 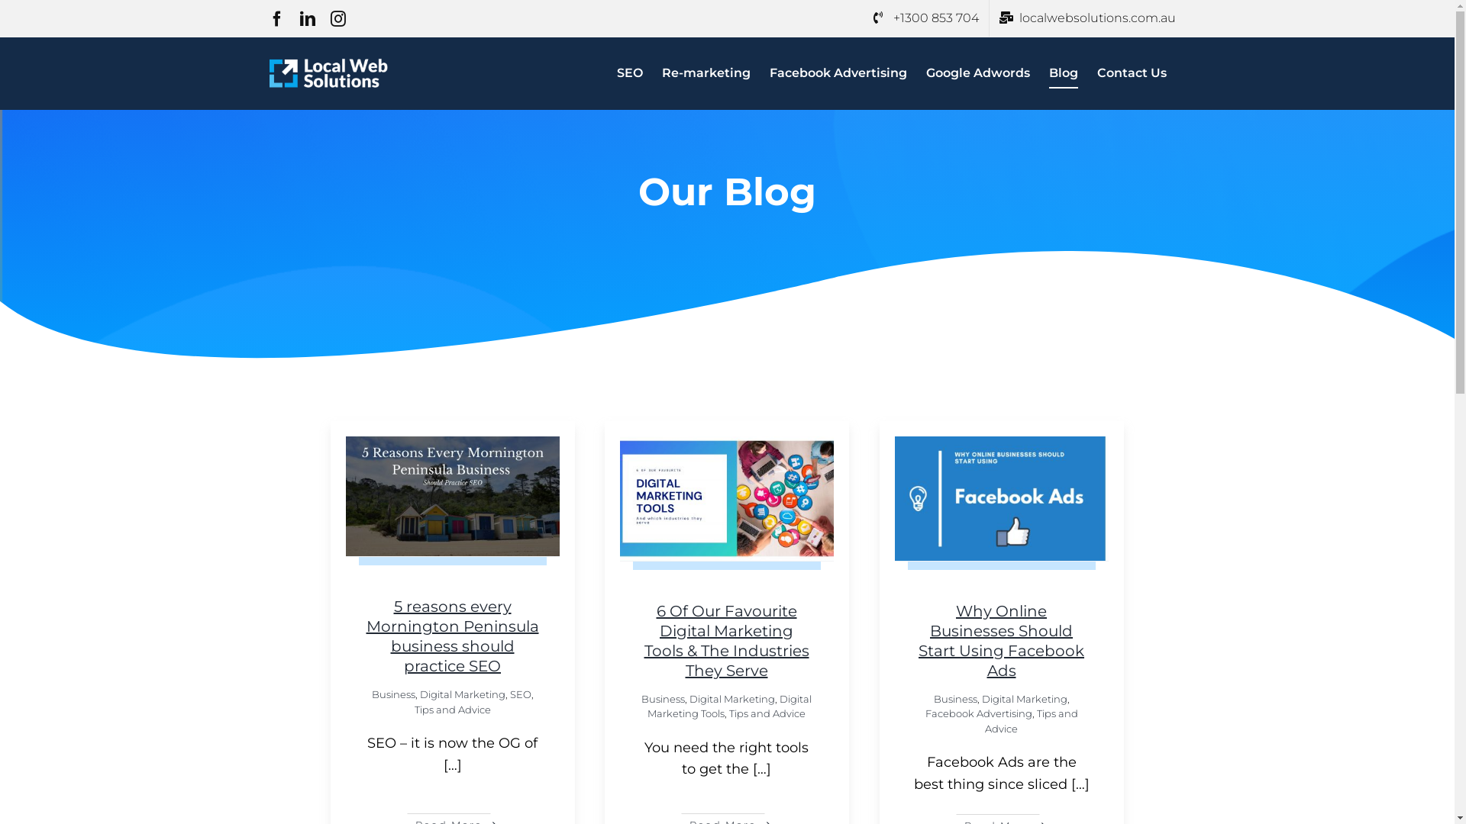 What do you see at coordinates (838, 73) in the screenshot?
I see `'Facebook Advertising'` at bounding box center [838, 73].